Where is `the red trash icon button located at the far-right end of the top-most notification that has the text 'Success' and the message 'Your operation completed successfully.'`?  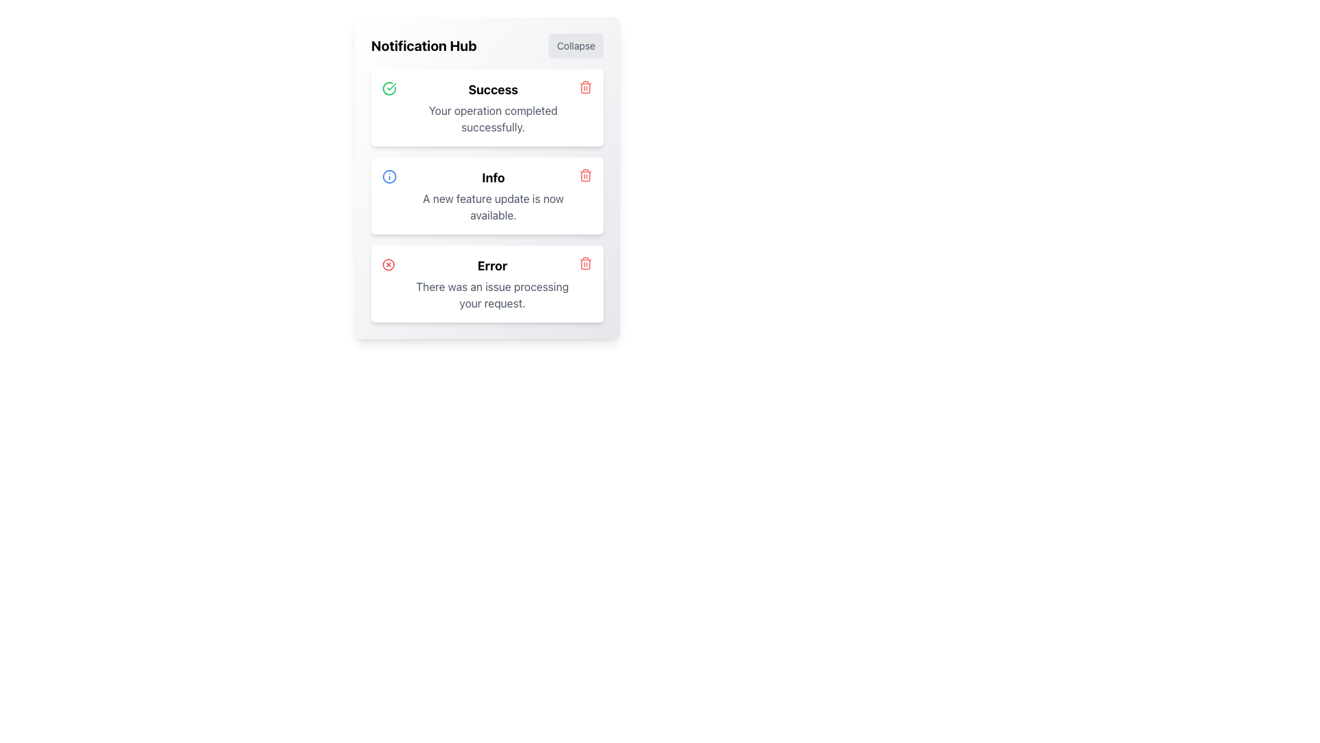
the red trash icon button located at the far-right end of the top-most notification that has the text 'Success' and the message 'Your operation completed successfully.' is located at coordinates (585, 87).